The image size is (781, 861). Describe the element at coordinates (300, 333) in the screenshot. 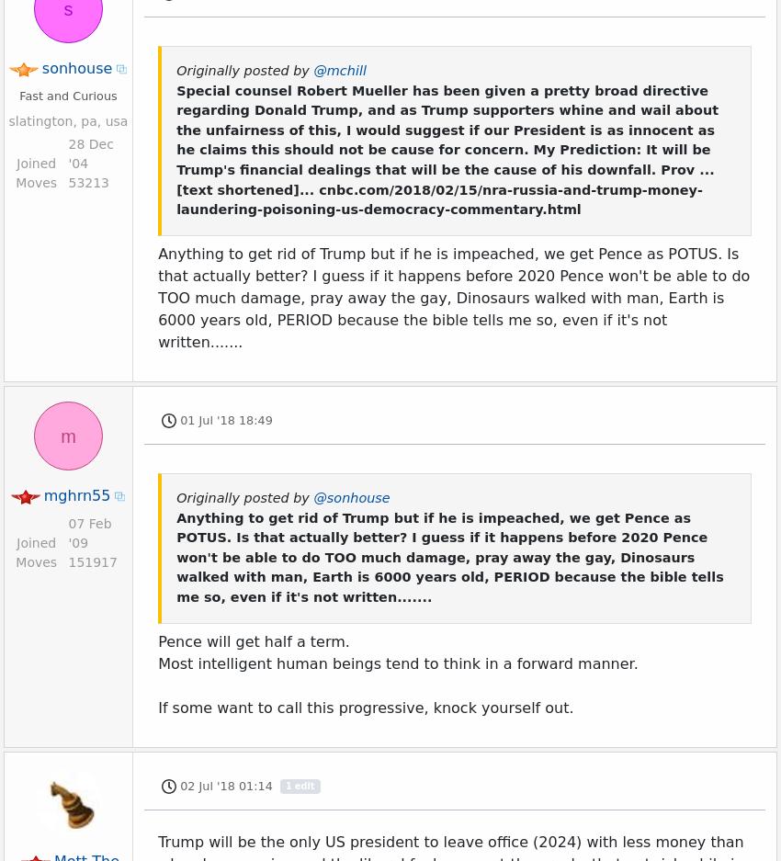

I see `'1 edit'` at that location.